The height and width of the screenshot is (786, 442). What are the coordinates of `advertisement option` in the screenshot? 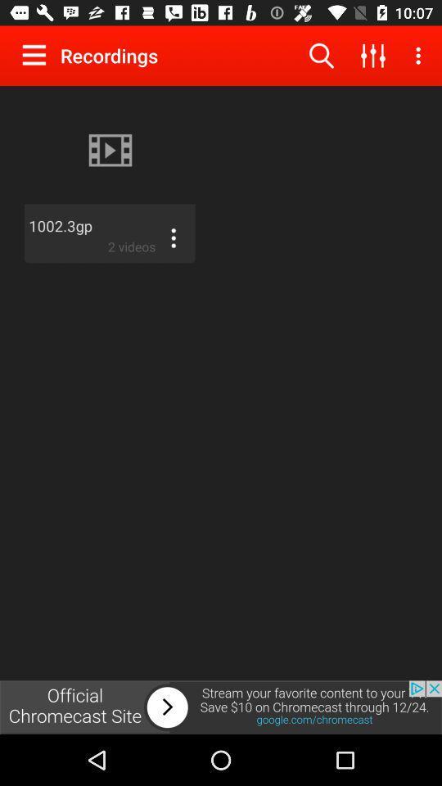 It's located at (221, 707).